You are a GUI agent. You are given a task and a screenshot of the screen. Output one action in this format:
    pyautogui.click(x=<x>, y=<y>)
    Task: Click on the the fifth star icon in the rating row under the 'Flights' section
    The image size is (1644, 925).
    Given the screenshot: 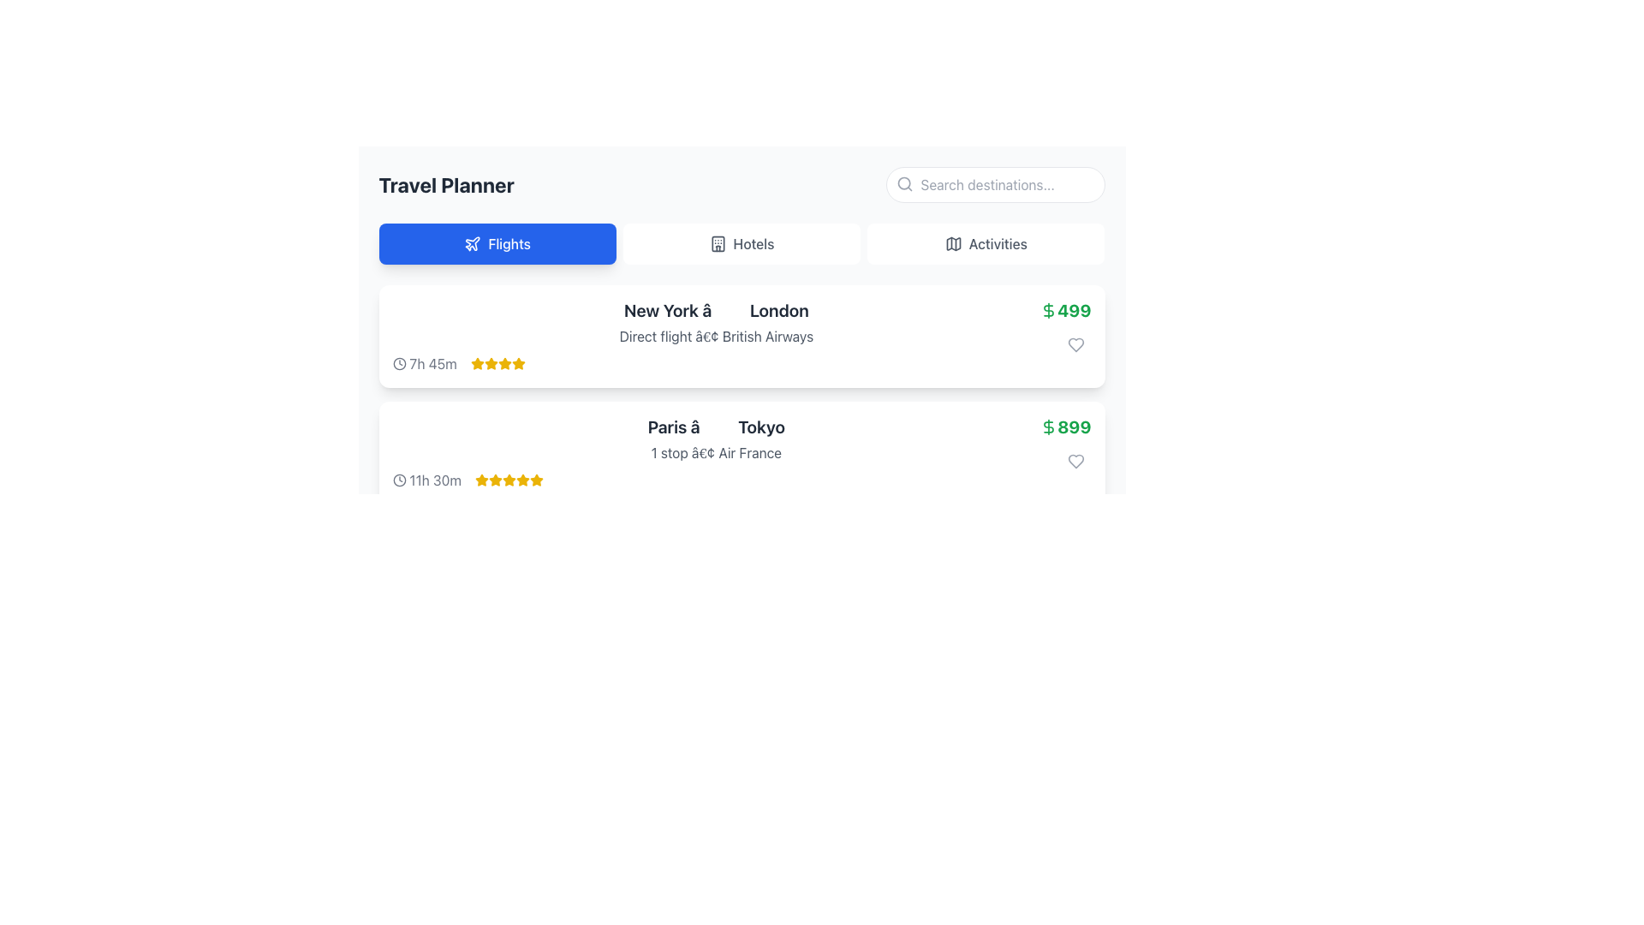 What is the action you would take?
    pyautogui.click(x=481, y=480)
    